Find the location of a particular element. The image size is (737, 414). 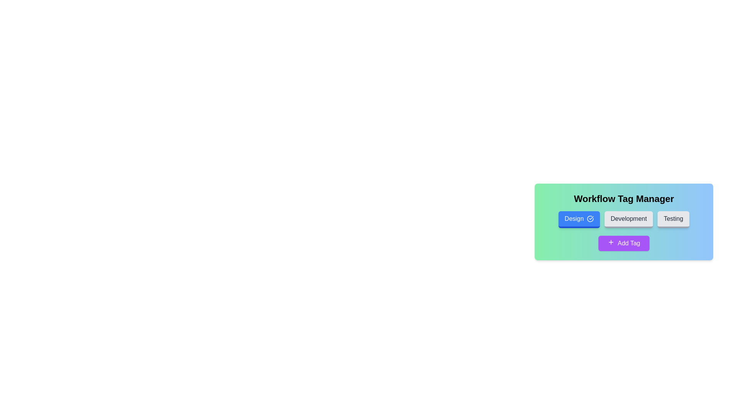

the tag Design is located at coordinates (579, 220).